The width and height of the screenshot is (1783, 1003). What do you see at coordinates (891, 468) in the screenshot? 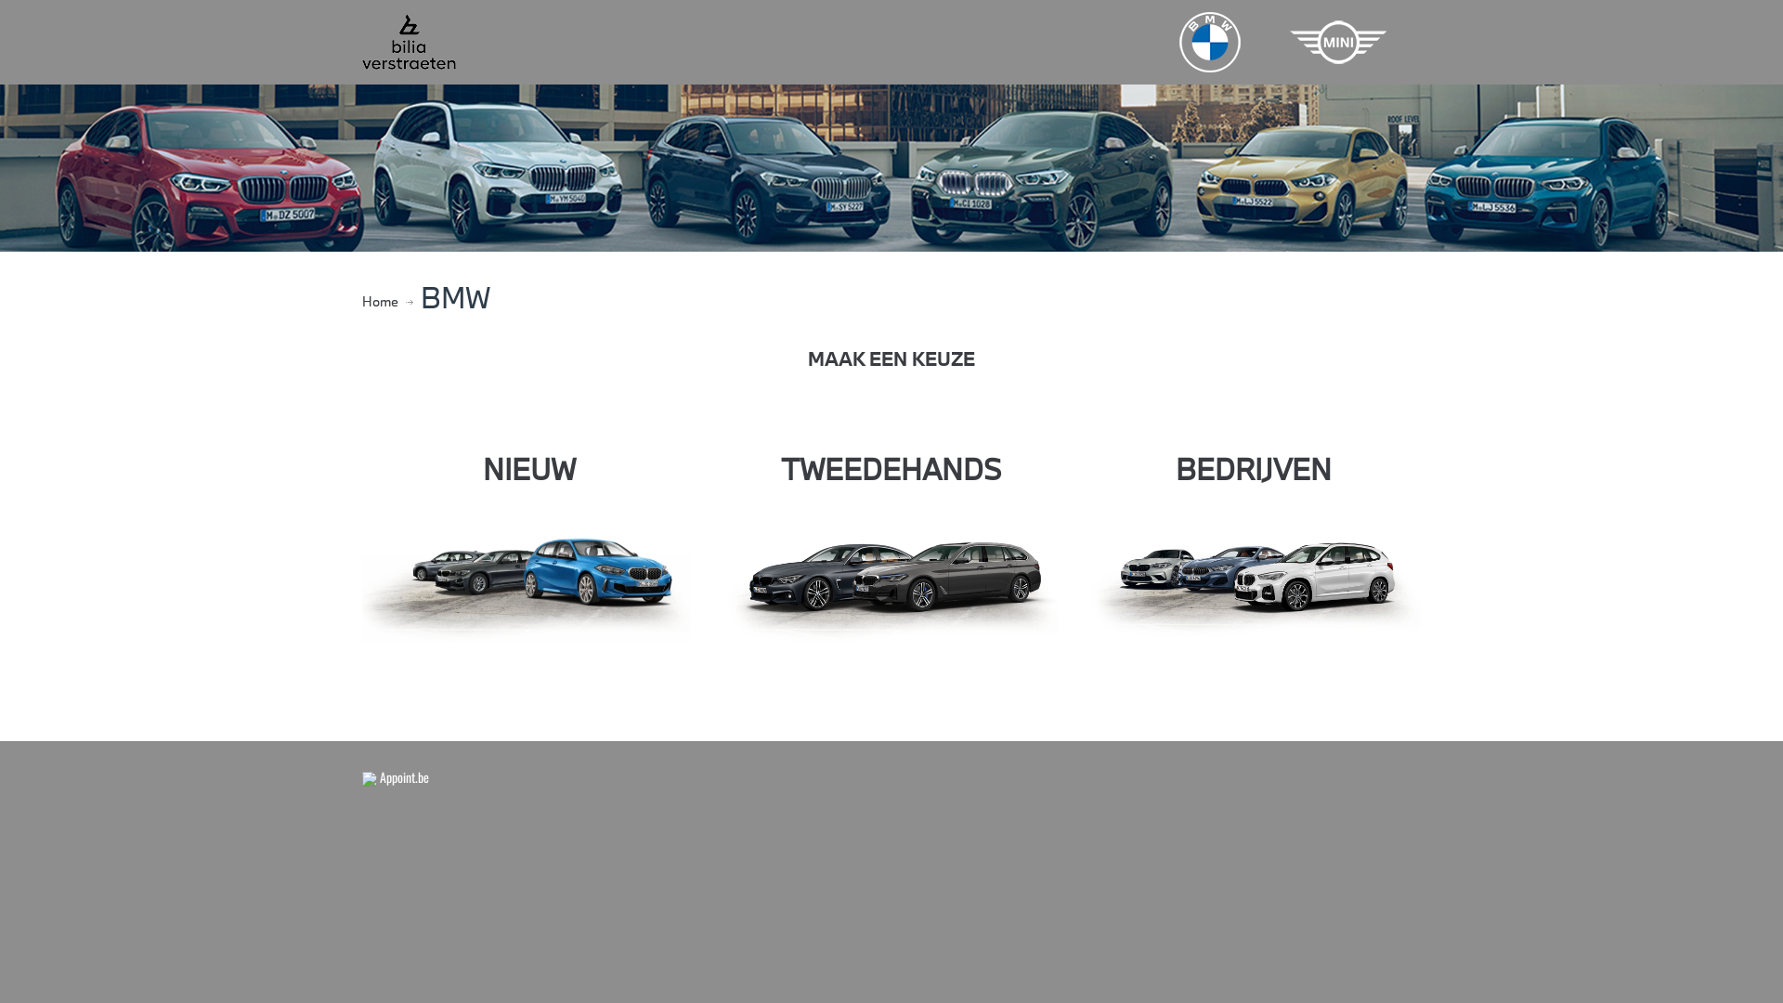
I see `'TWEEDEHANDS'` at bounding box center [891, 468].